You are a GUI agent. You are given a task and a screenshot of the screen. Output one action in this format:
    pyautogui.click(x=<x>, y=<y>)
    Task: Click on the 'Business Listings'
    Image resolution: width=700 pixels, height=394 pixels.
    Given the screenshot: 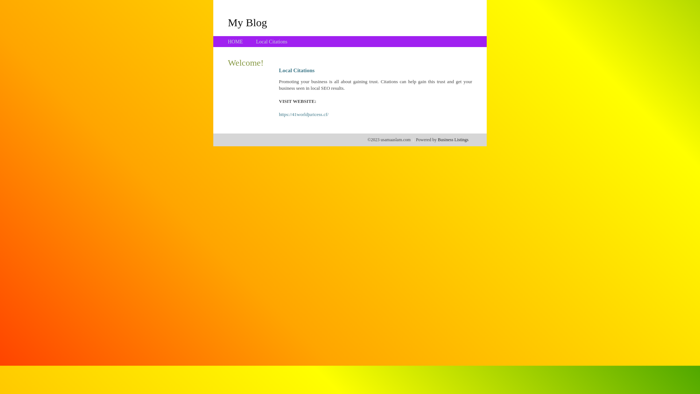 What is the action you would take?
    pyautogui.click(x=453, y=139)
    